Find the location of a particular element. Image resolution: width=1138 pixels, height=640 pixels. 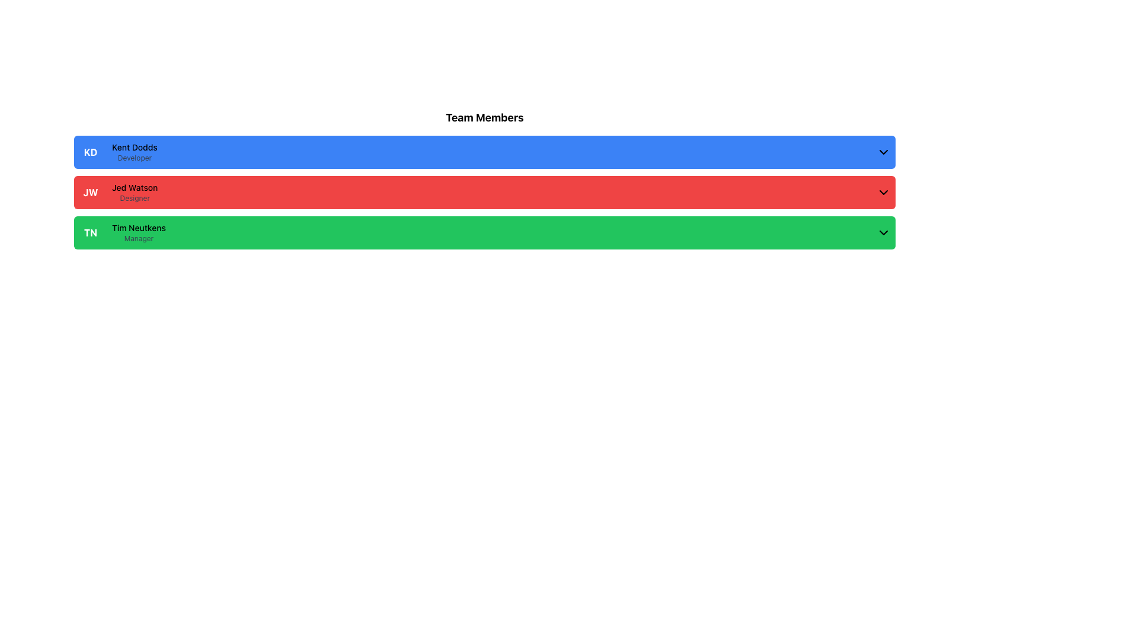

the text label displaying the name 'Kent Dodds' located in the blue section at the top of the list is located at coordinates (135, 147).